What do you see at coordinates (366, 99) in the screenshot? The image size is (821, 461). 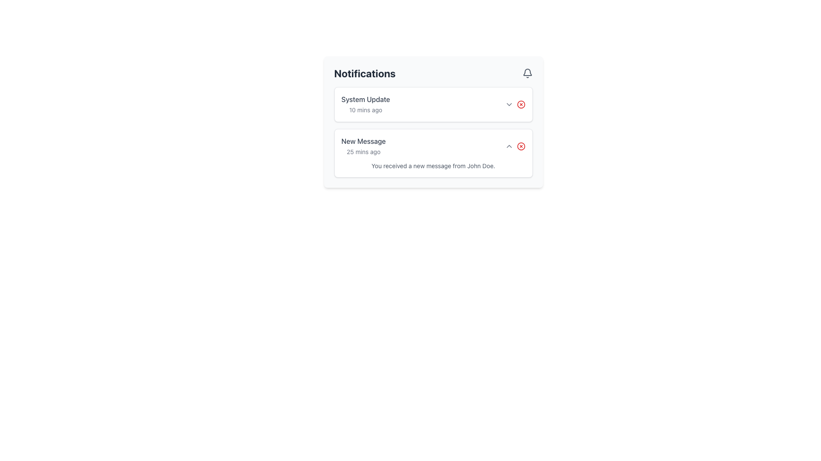 I see `the 'System Update' text label, which is prominently displayed at the top of a notification card interface` at bounding box center [366, 99].